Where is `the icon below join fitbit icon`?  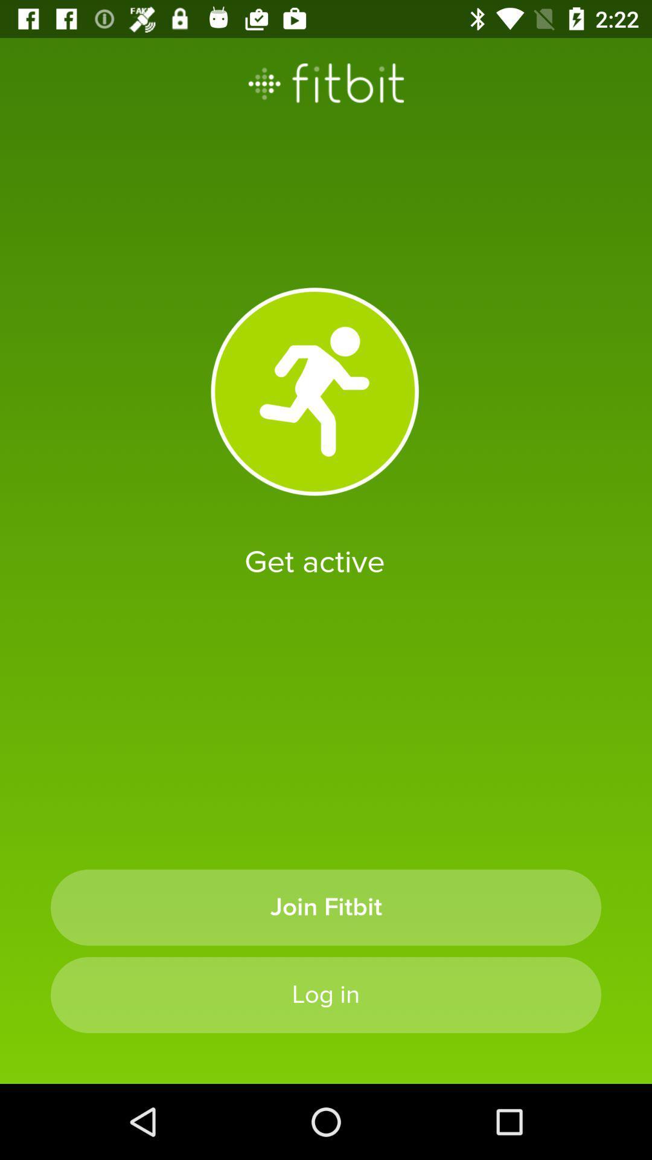
the icon below join fitbit icon is located at coordinates (326, 994).